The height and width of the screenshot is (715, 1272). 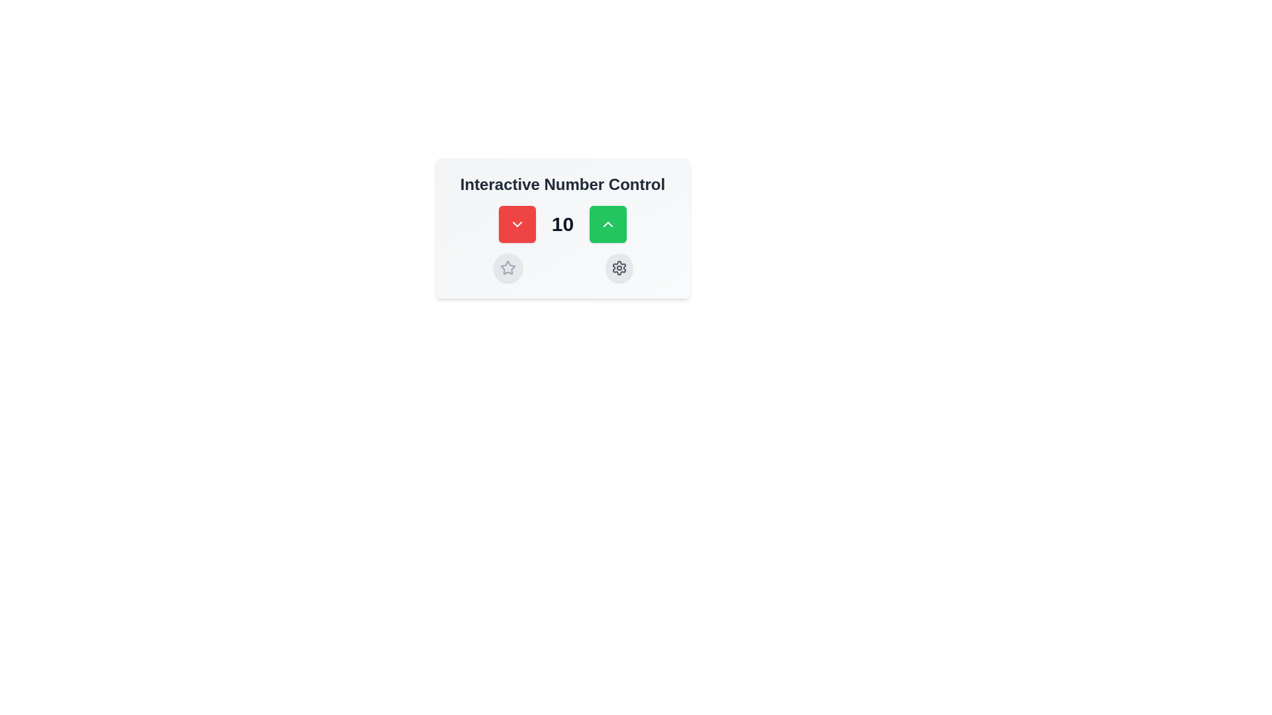 I want to click on the label that describes the purpose of the associated number control features, which is positioned centrally above the numeric display and interactive buttons, so click(x=562, y=184).